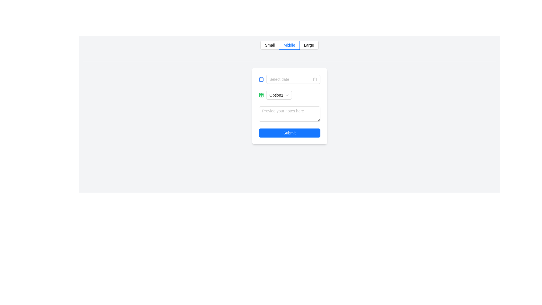 This screenshot has height=305, width=542. I want to click on the blue 'Submit' button with rounded edges, so click(289, 133).